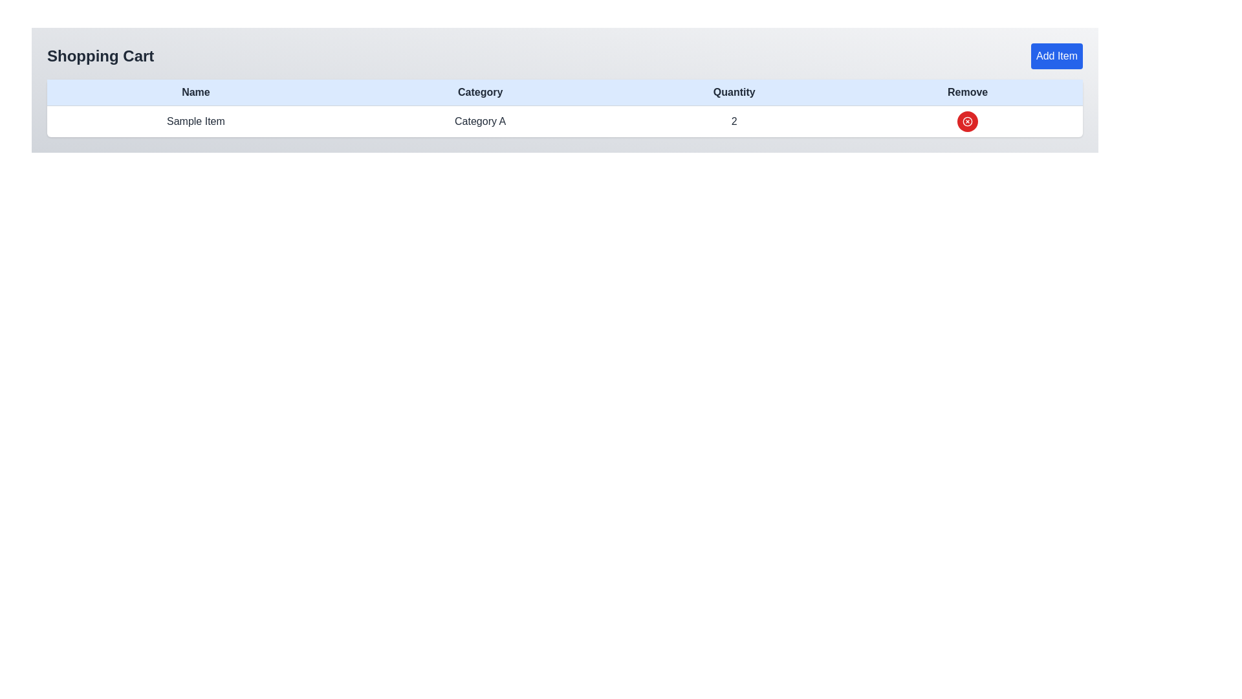 The image size is (1242, 699). I want to click on the 'Quantity' text label, which is the third column header in a table, adjacent to the 'Category' and 'Remove' headers, so click(734, 92).